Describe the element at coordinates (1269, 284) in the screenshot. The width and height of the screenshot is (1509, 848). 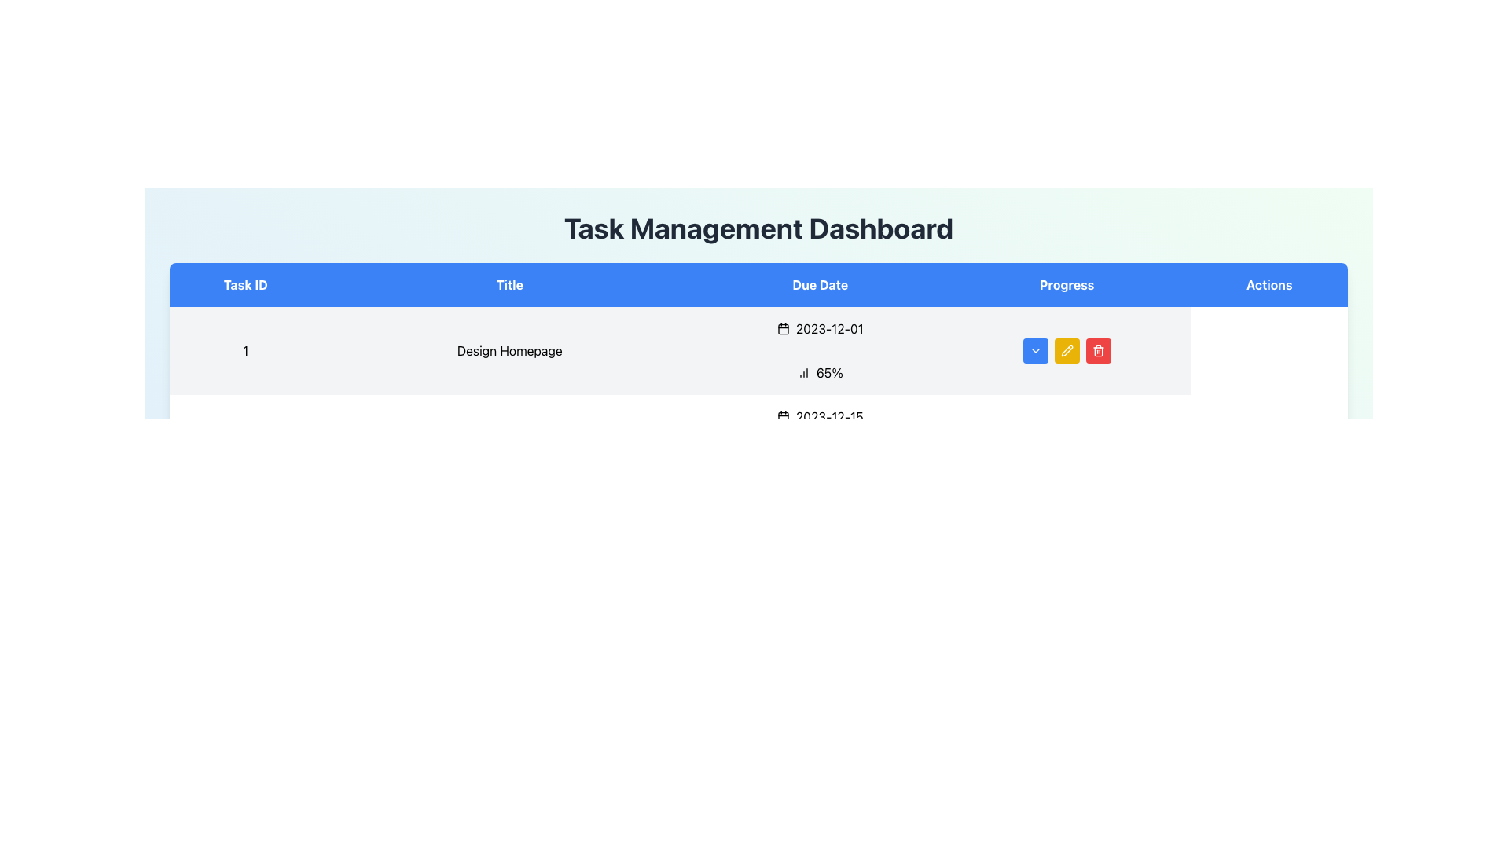
I see `the 'Actions' text label, which is a rectangular area displaying the text in white on a blue background, located in the top-right section of the grid as the fifth column in the header row` at that location.